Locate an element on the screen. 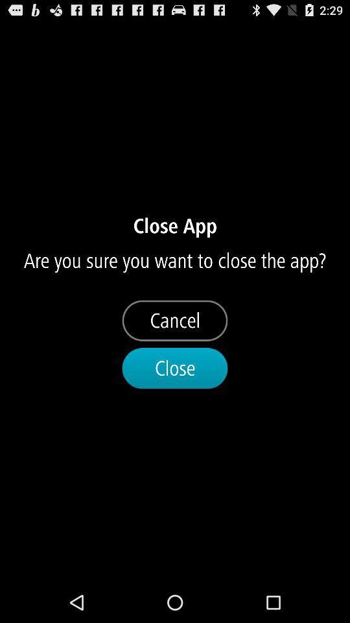  icon below the are you sure item is located at coordinates (175, 320).